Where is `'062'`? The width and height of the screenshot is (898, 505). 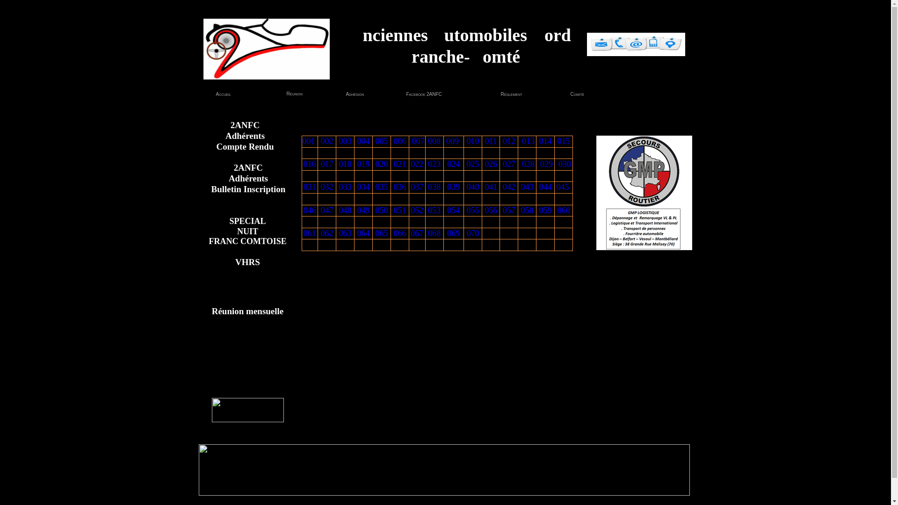 '062' is located at coordinates (327, 232).